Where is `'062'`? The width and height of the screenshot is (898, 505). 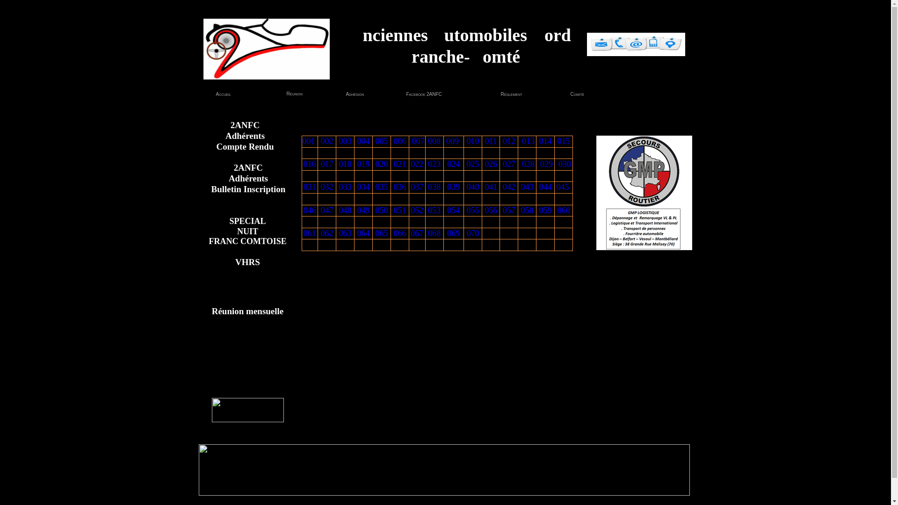 '062' is located at coordinates (327, 232).